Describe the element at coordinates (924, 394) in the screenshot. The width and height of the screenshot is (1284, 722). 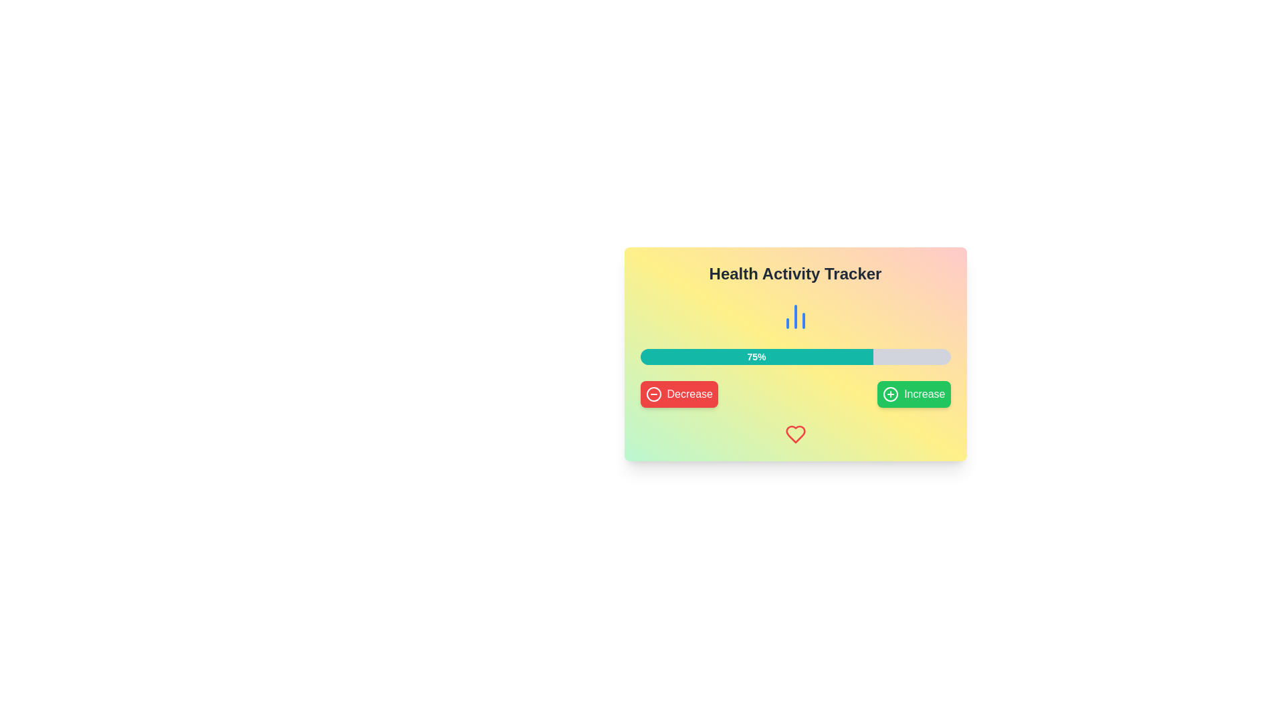
I see `the green button labeled 'Increase' located on the far right of the button group` at that location.